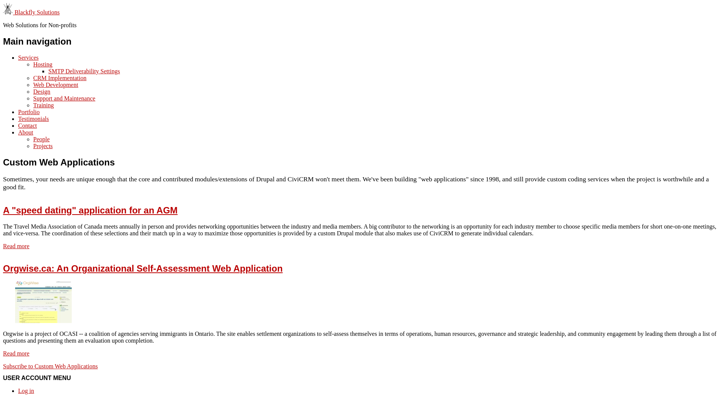  What do you see at coordinates (18, 119) in the screenshot?
I see `'Testimonials'` at bounding box center [18, 119].